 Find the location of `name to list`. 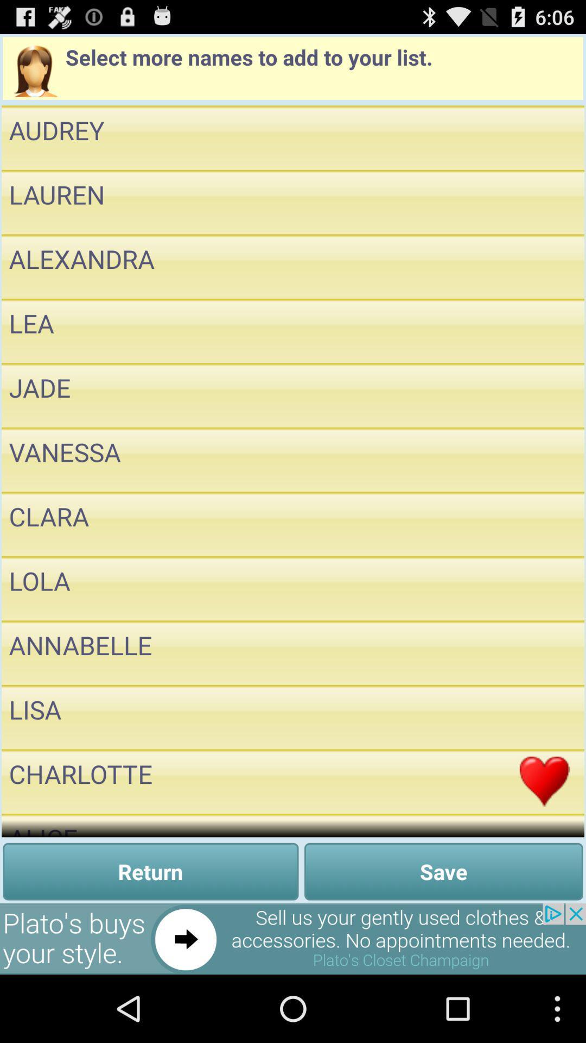

name to list is located at coordinates (544, 394).